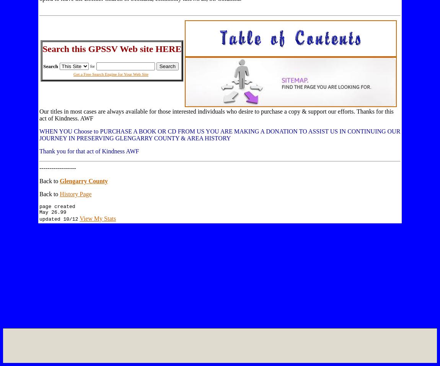  What do you see at coordinates (112, 48) in the screenshot?
I see `'Search this GPSSV Web site HERE'` at bounding box center [112, 48].